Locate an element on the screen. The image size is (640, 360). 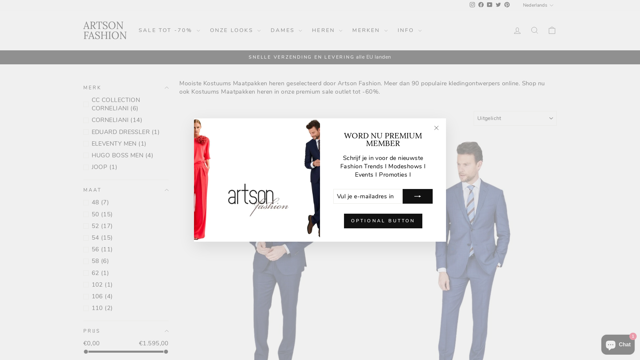
'instagram is located at coordinates (472, 5).